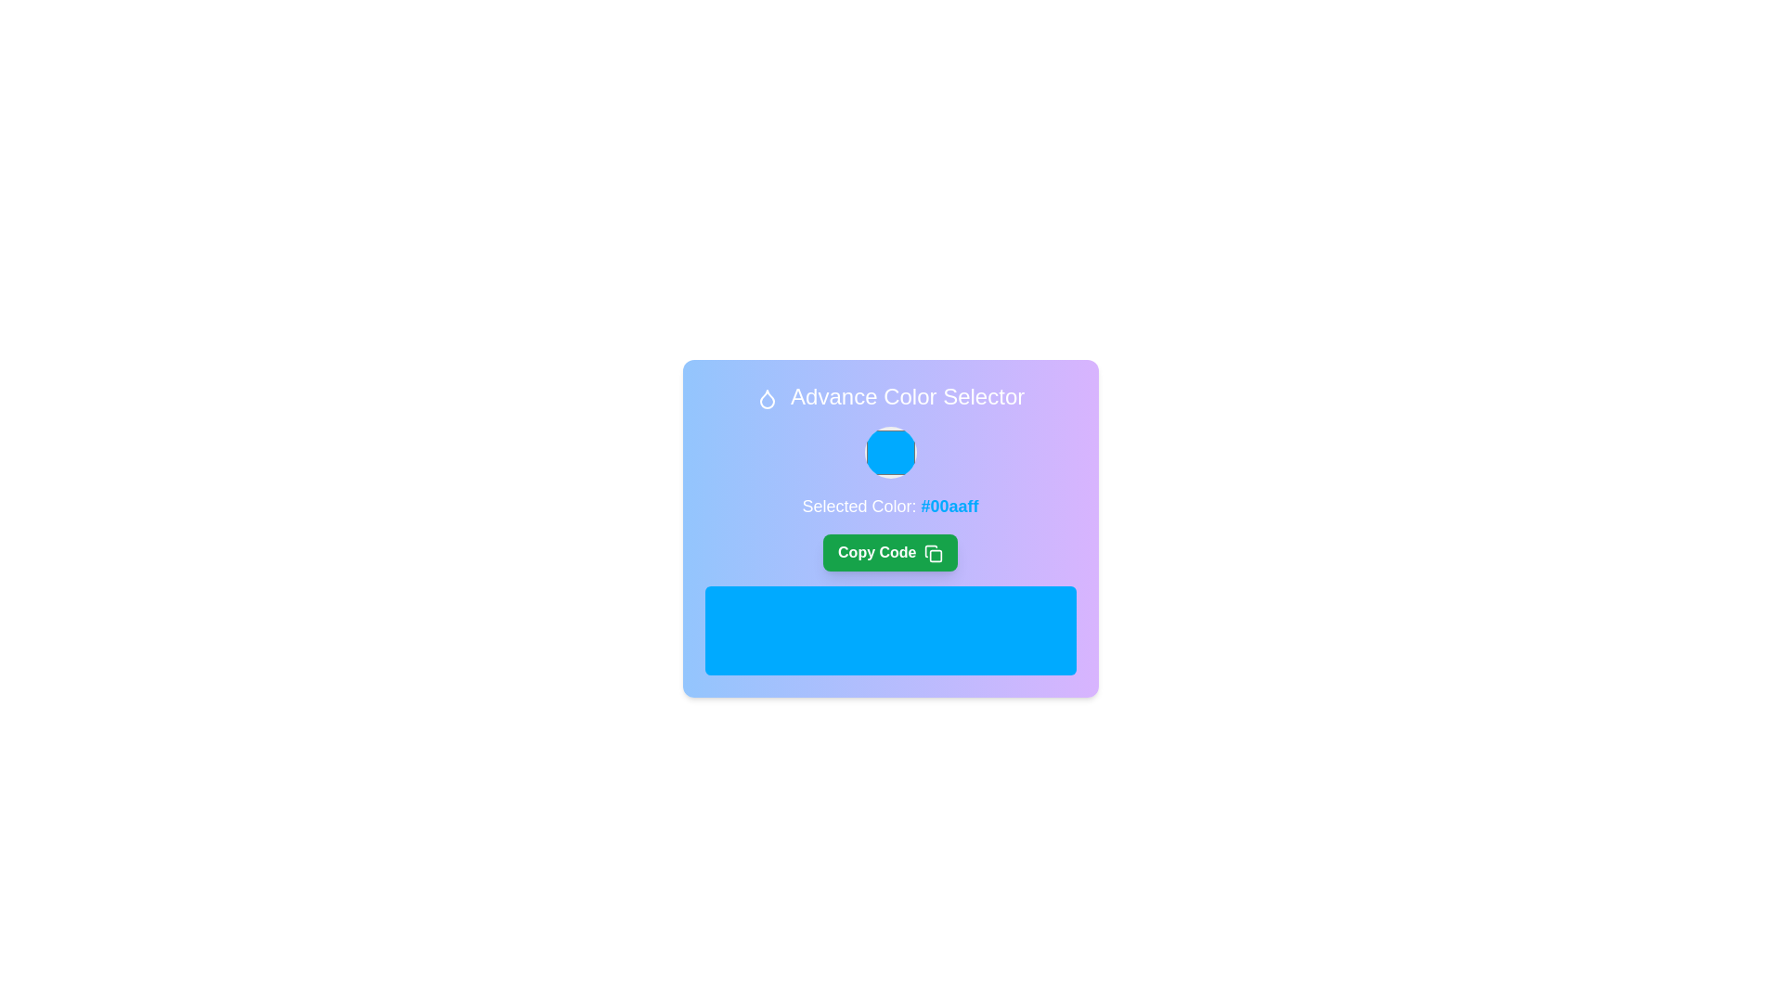  Describe the element at coordinates (889, 550) in the screenshot. I see `the 'Copy Code' button in the color preview section of the 'Advance Color Selector' card to copy the hexadecimal code` at that location.